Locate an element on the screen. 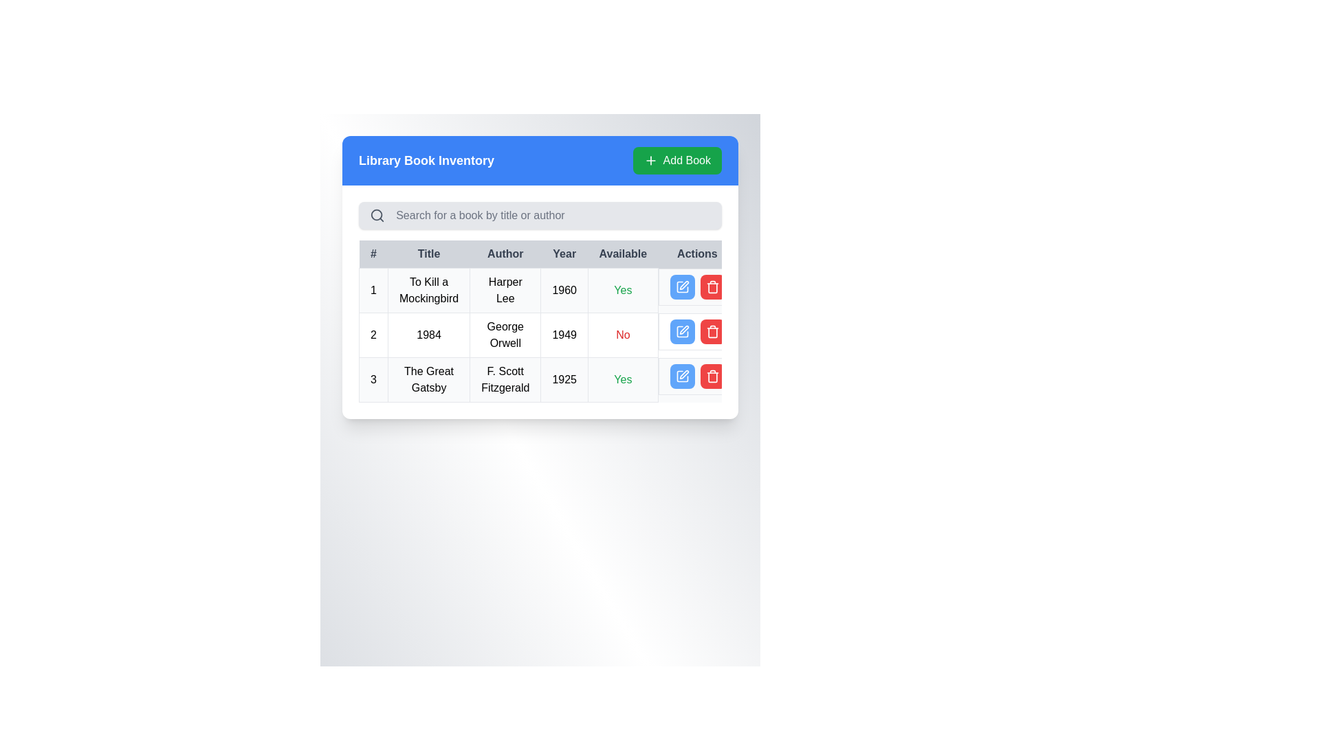 Image resolution: width=1320 pixels, height=742 pixels. the 'Author' text label, which is a rectangular label with bold, dark lettering on a light gray background, positioned as the third column header in a grid layout is located at coordinates (505, 254).